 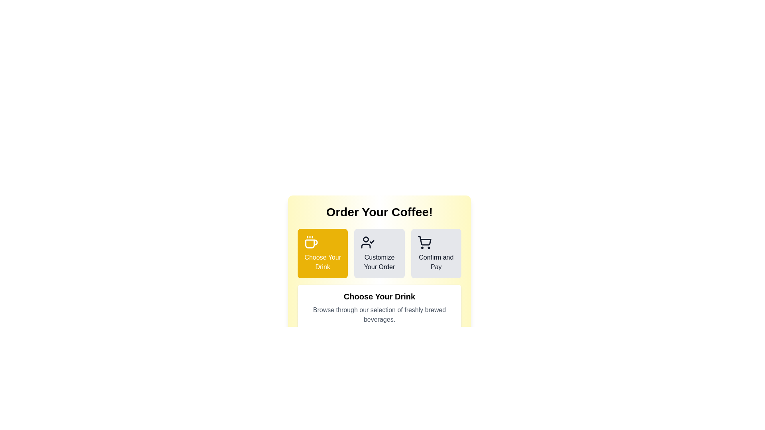 I want to click on the step titled Confirm and Pay to navigate to that step, so click(x=435, y=253).